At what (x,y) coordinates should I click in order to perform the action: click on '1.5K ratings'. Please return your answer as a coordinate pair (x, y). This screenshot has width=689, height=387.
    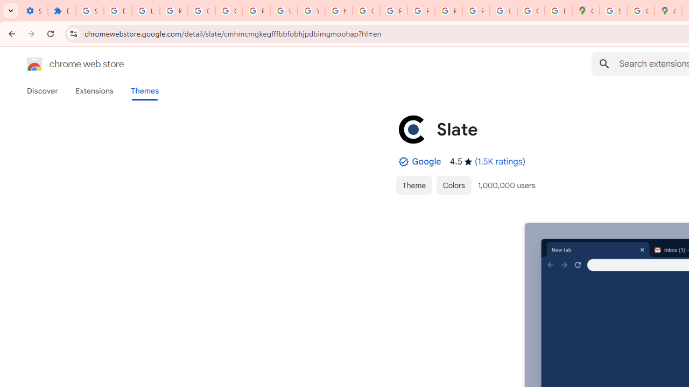
    Looking at the image, I should click on (500, 161).